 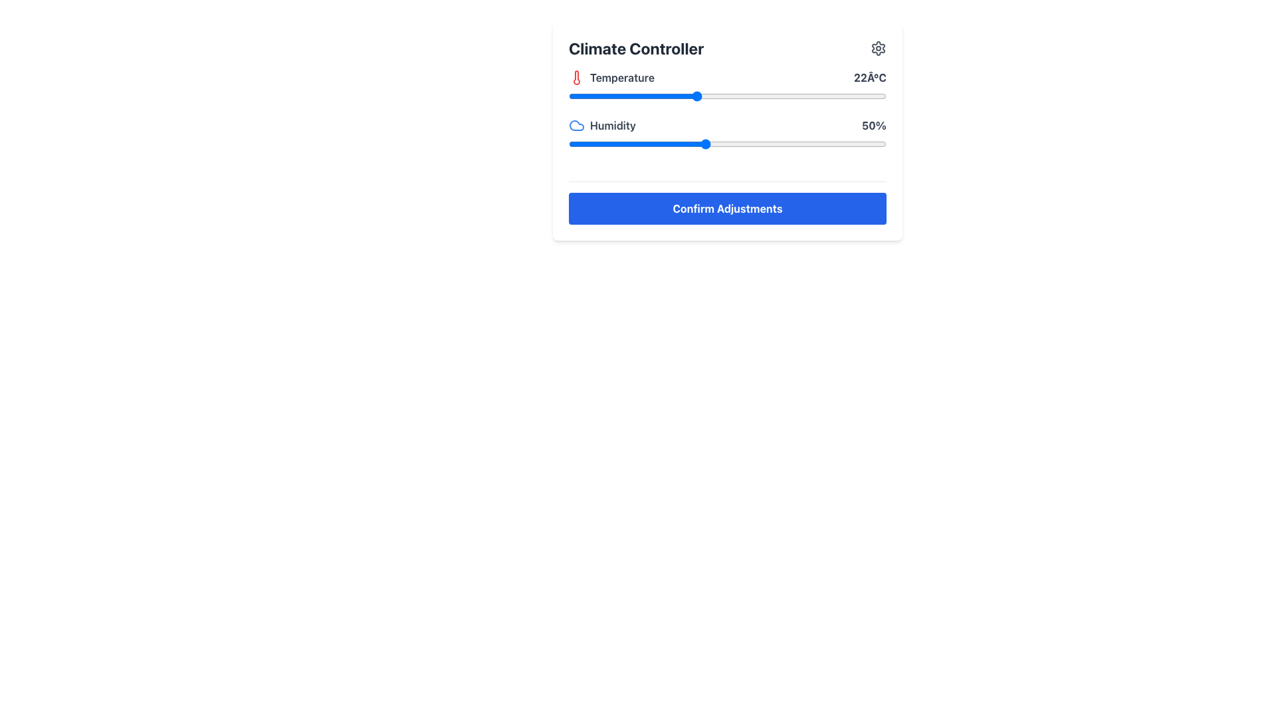 What do you see at coordinates (874, 126) in the screenshot?
I see `the text '50%' displayed in bold and dark-colored font next to the Humidity label within the Climate Controller card` at bounding box center [874, 126].